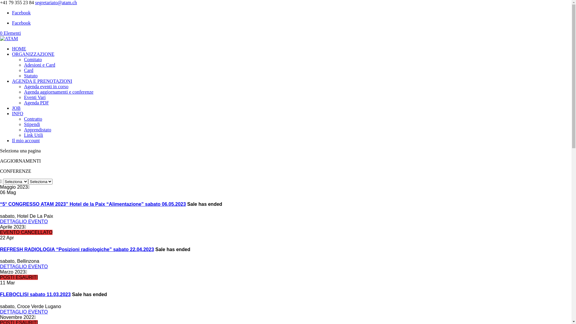  I want to click on 'Adesioni e Card', so click(39, 65).